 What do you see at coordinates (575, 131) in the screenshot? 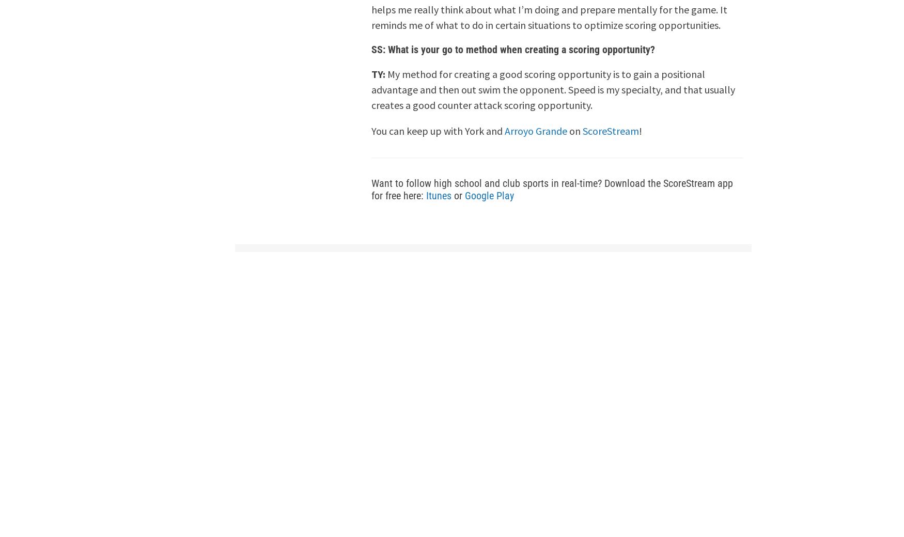
I see `'on'` at bounding box center [575, 131].